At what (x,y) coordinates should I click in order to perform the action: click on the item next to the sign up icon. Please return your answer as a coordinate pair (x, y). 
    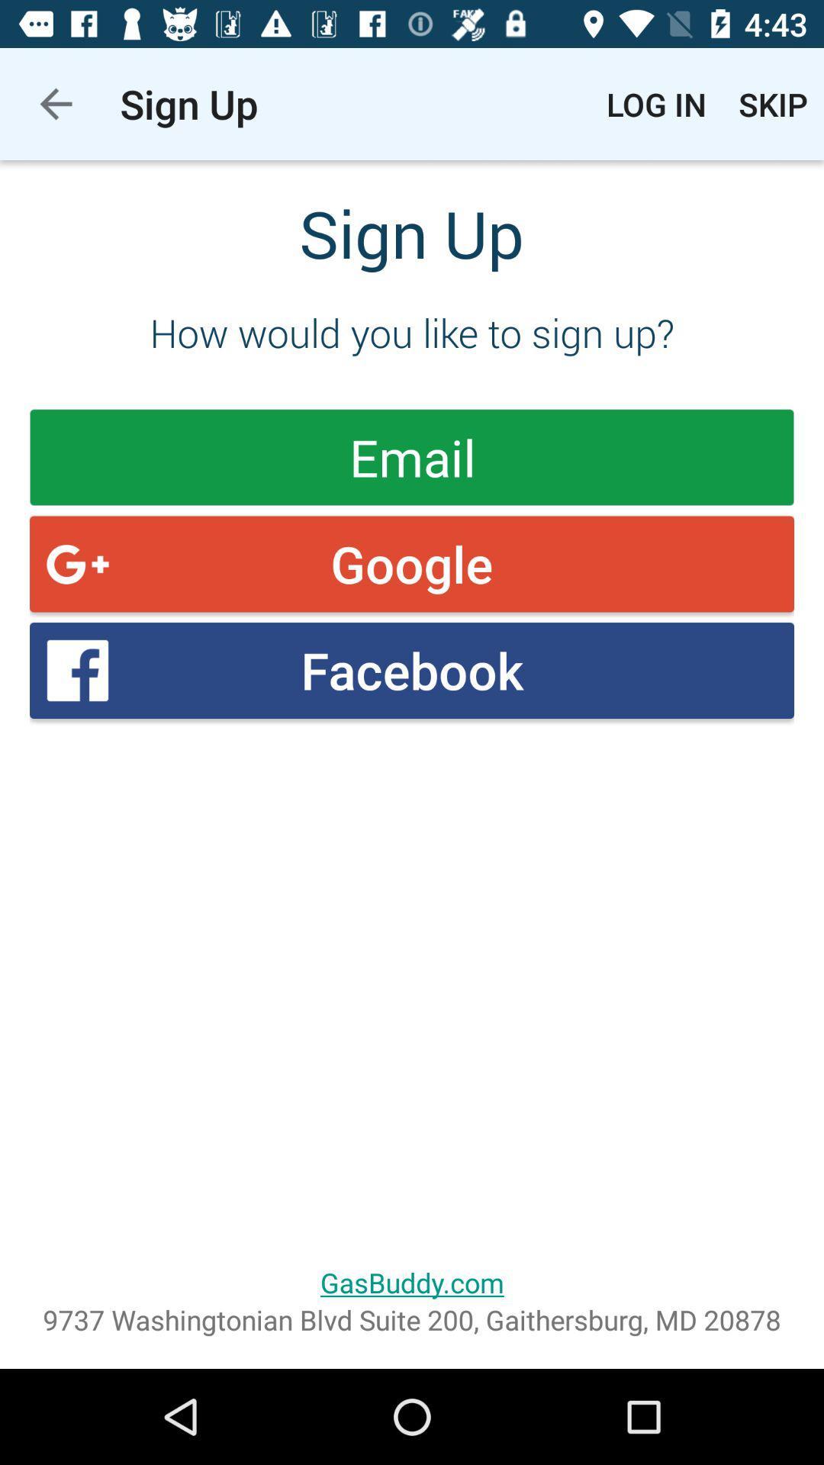
    Looking at the image, I should click on (655, 103).